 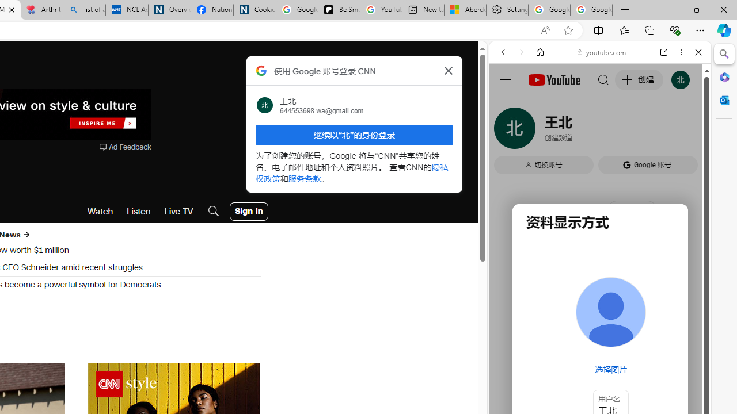 I want to click on 'Search Filter, WEB', so click(x=507, y=131).